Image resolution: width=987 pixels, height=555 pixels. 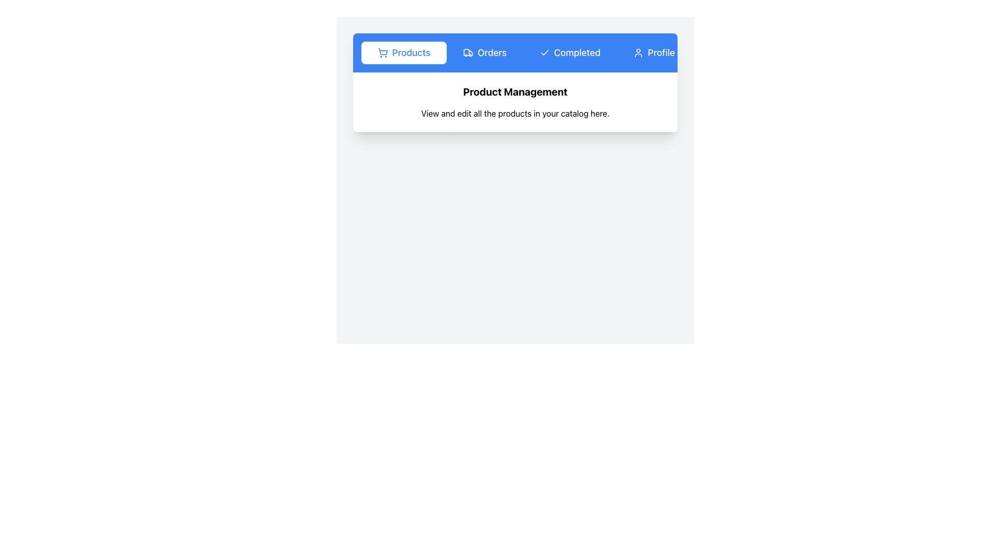 I want to click on instruction displayed in the text label that says 'View and edit all the products in your catalog here.' positioned centrally below 'Product Management.', so click(x=515, y=113).